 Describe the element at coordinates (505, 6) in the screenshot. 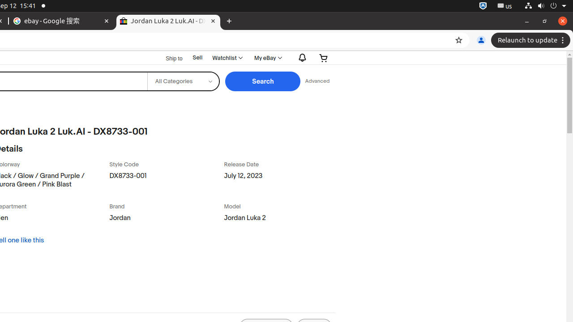

I see `':1.21/StatusNotifierItem'` at that location.